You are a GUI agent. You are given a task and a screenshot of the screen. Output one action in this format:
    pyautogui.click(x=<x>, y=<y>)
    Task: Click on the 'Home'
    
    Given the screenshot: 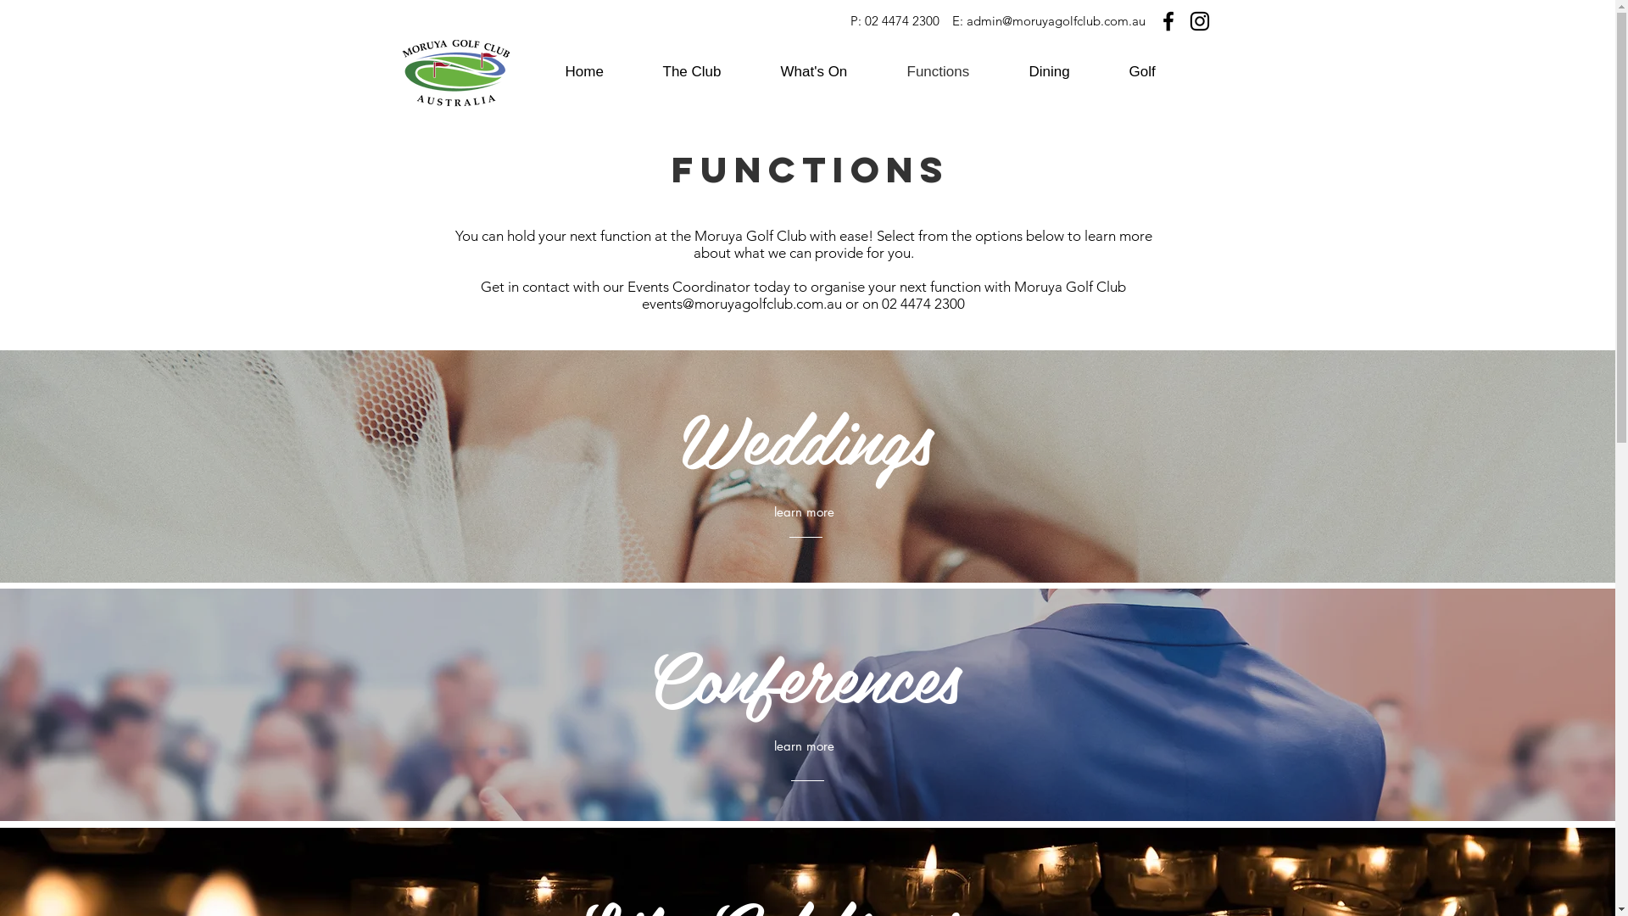 What is the action you would take?
    pyautogui.click(x=601, y=70)
    